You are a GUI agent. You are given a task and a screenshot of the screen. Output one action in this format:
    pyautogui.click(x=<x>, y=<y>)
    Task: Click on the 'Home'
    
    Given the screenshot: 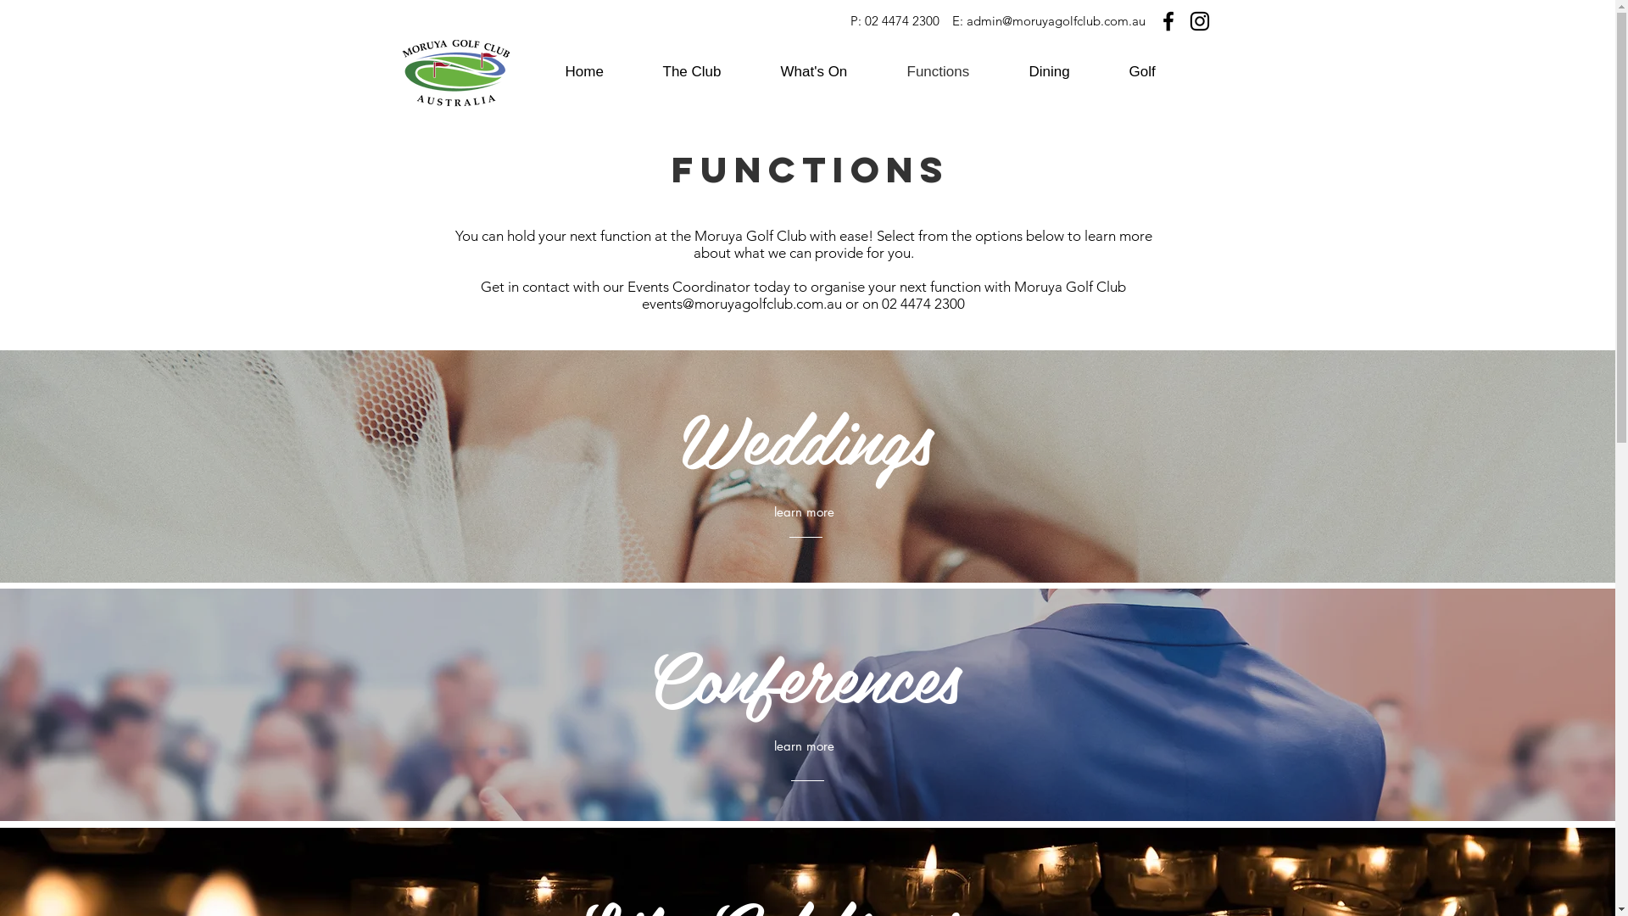 What is the action you would take?
    pyautogui.click(x=601, y=70)
    